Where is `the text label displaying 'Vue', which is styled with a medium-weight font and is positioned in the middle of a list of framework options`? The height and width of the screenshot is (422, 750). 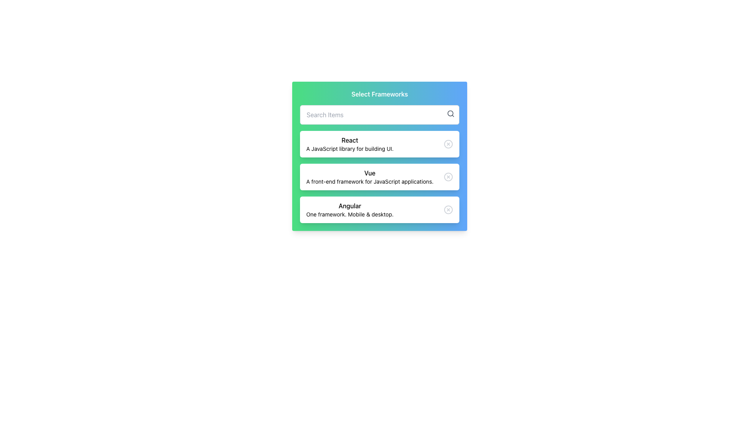
the text label displaying 'Vue', which is styled with a medium-weight font and is positioned in the middle of a list of framework options is located at coordinates (369, 173).